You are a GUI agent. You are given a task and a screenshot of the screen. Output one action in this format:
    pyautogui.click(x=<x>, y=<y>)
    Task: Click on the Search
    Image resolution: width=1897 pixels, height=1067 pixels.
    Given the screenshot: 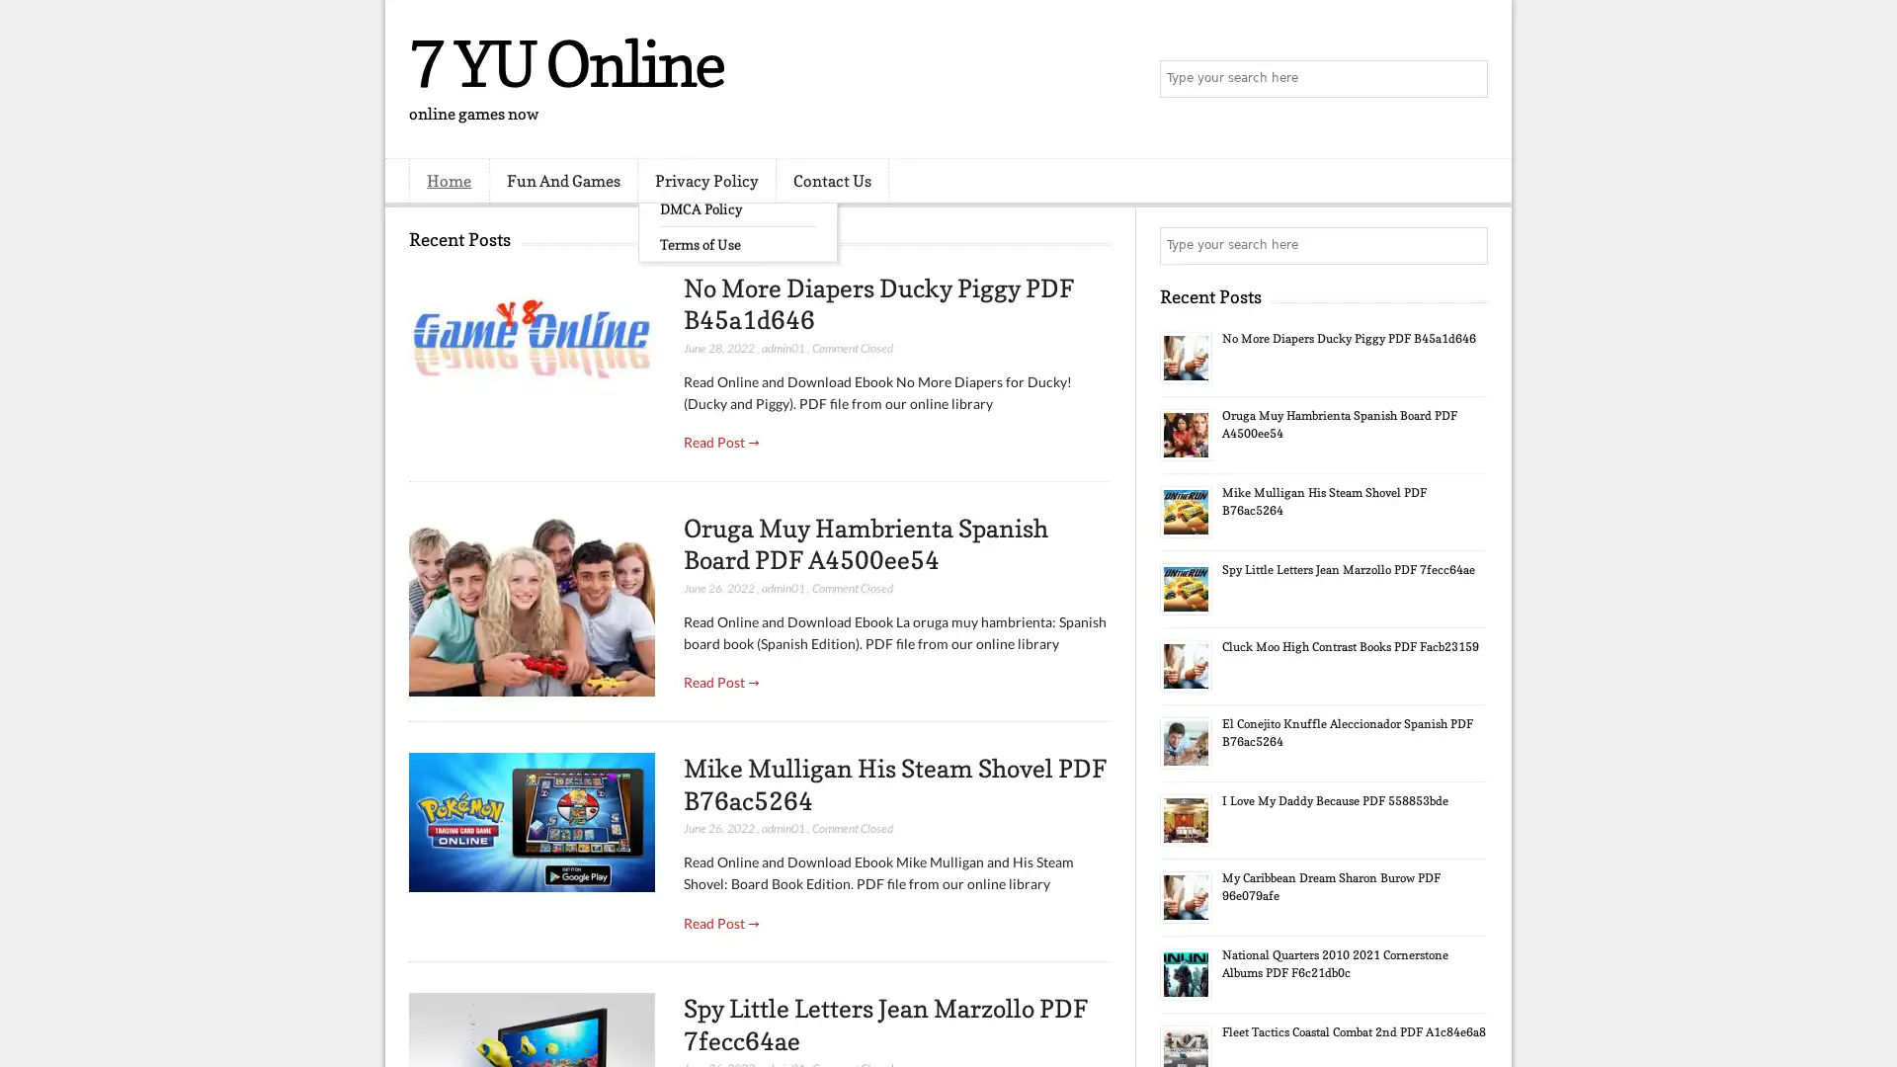 What is the action you would take?
    pyautogui.click(x=1467, y=245)
    